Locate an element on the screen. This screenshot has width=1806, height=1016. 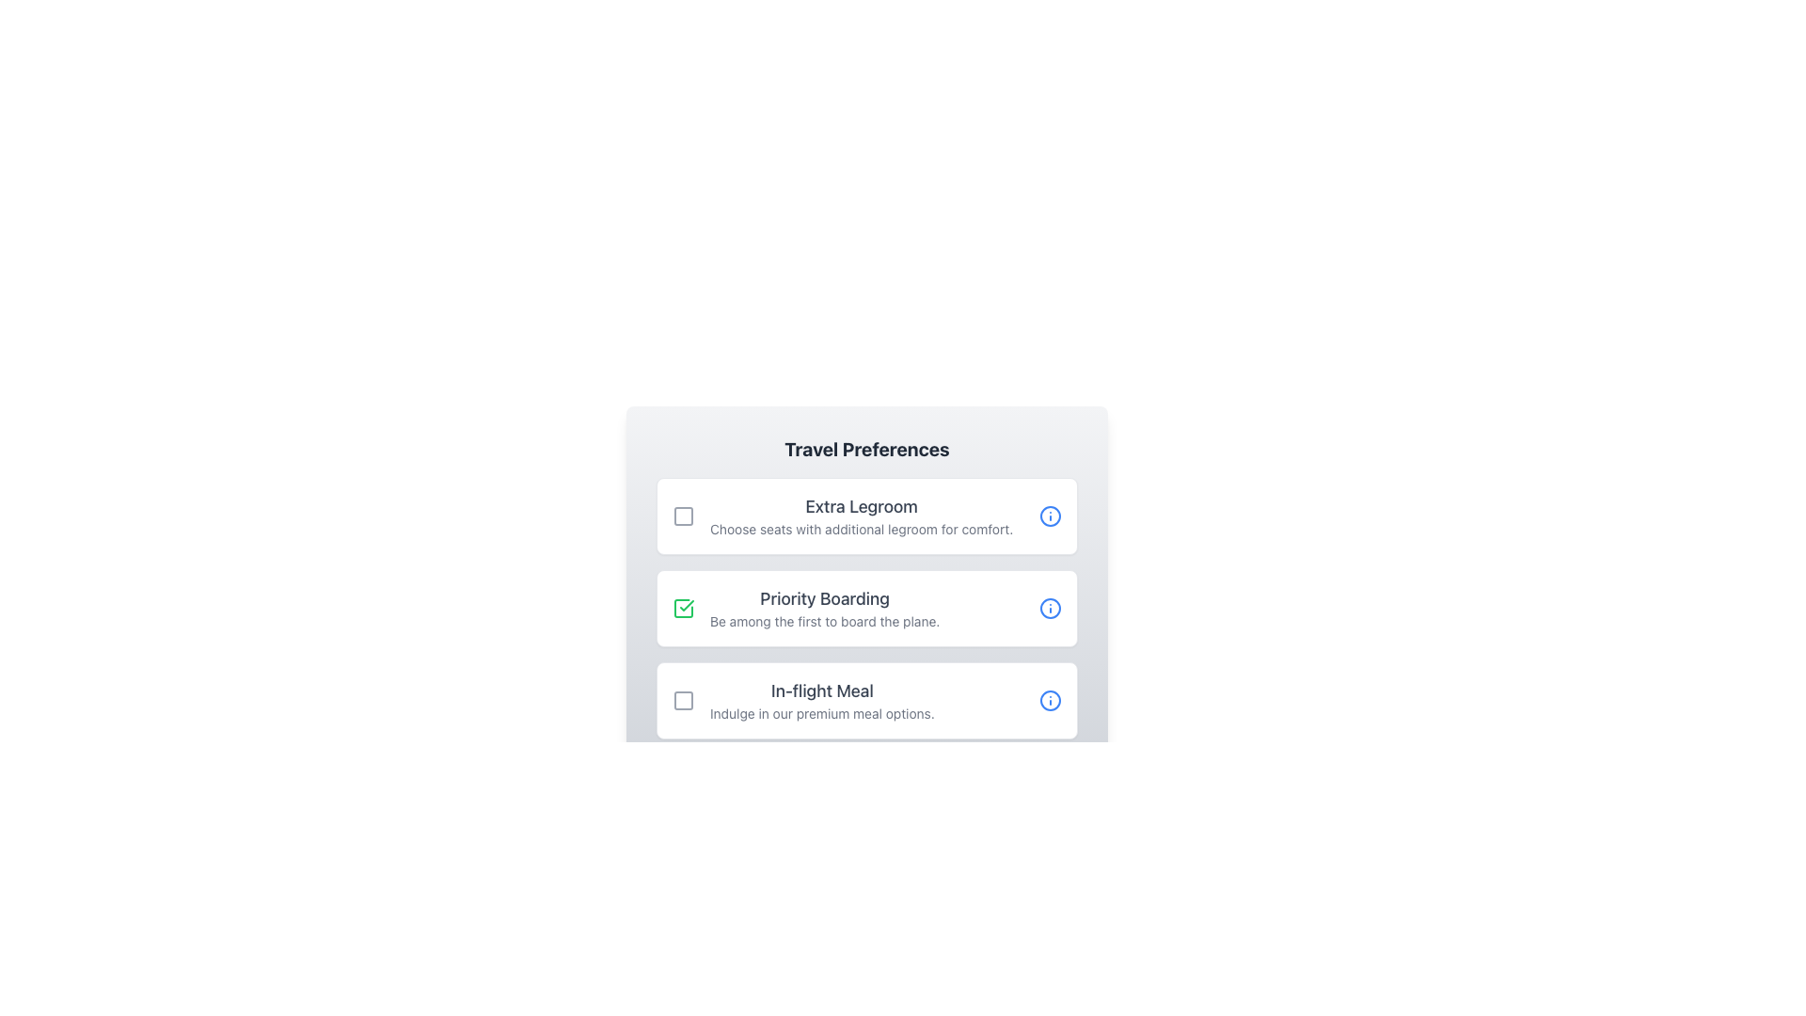
the checkbox for 'In-flight Meal' is located at coordinates (682, 700).